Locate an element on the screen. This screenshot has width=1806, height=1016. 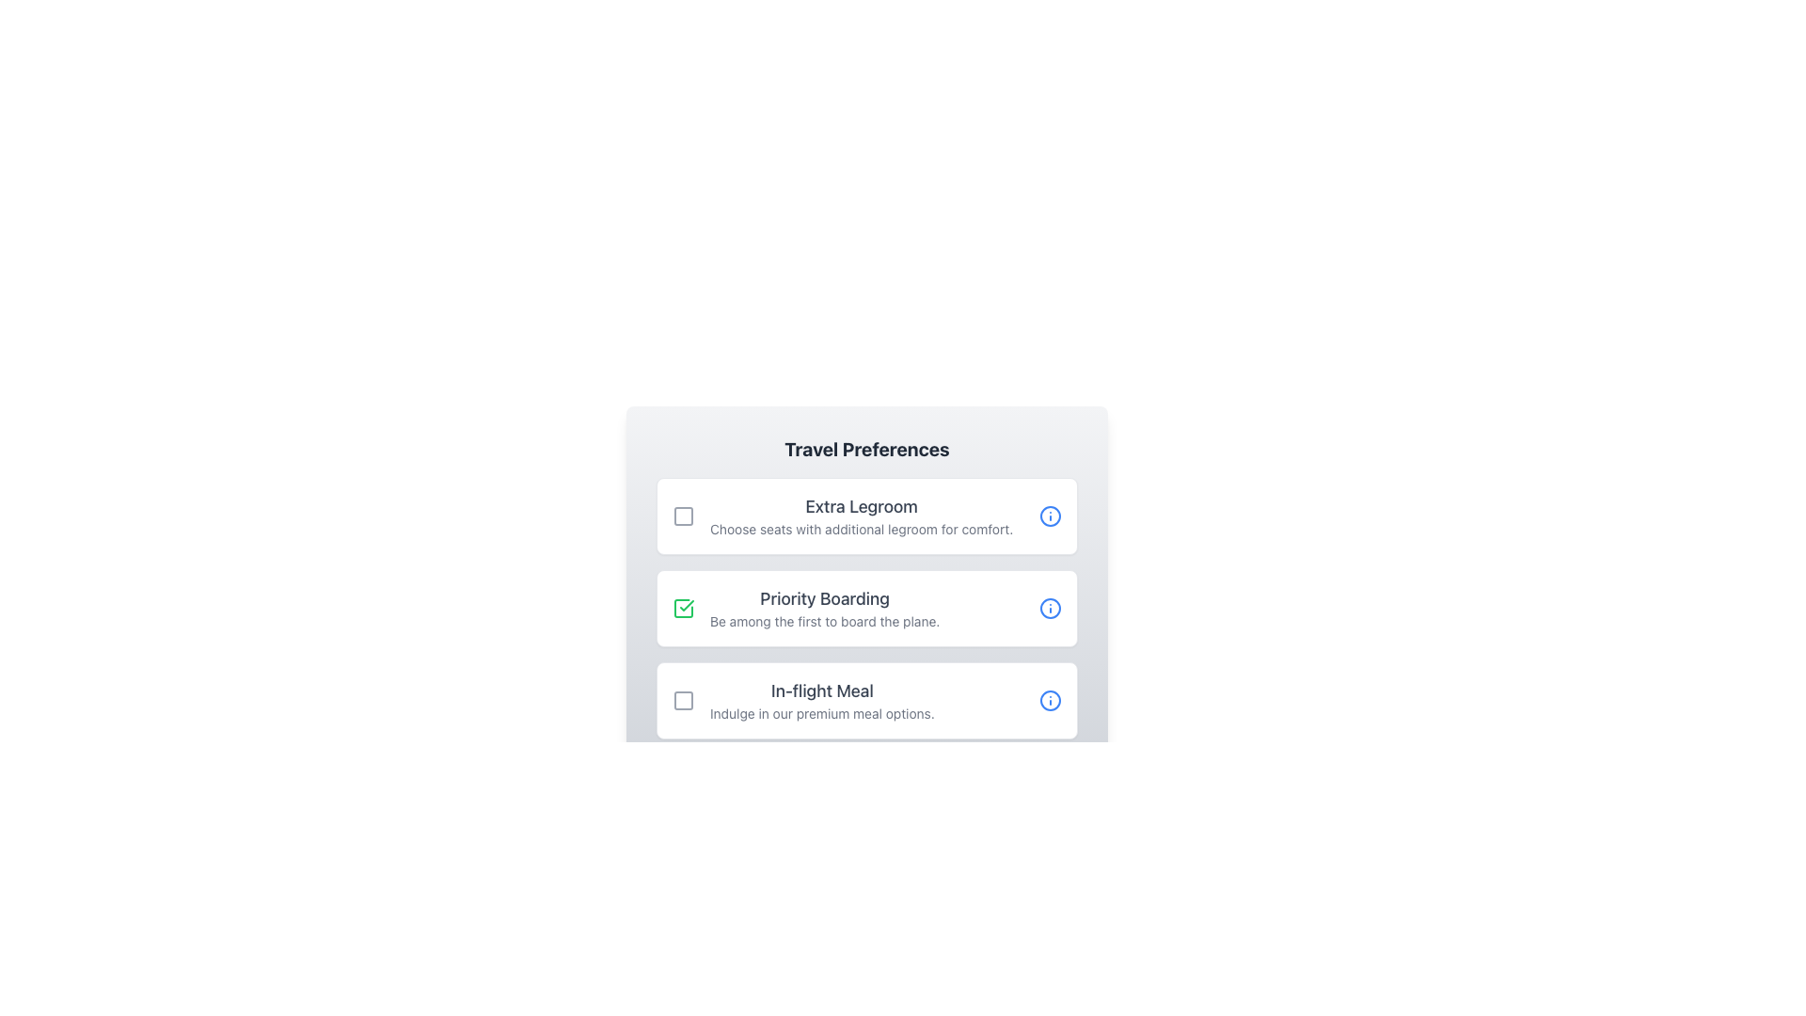
the checkbox for 'In-flight Meal' is located at coordinates (682, 700).